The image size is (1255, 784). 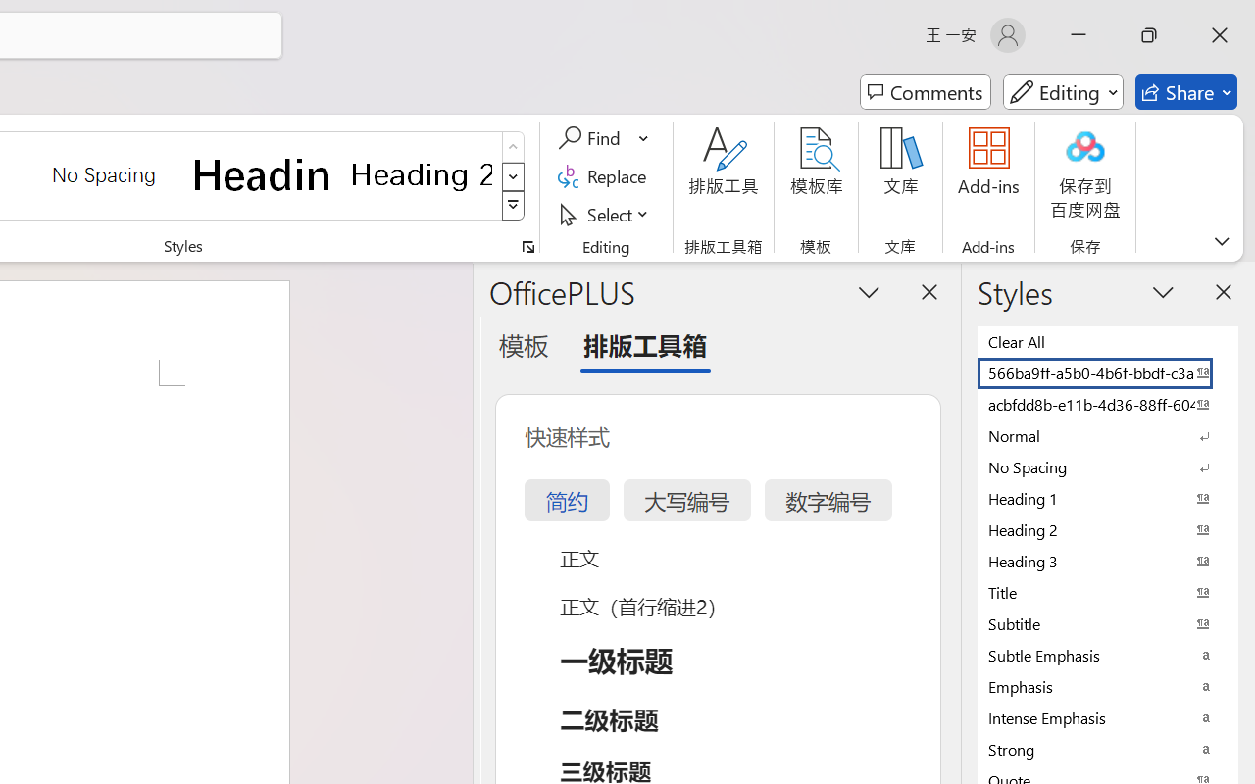 What do you see at coordinates (1185, 92) in the screenshot?
I see `'Share'` at bounding box center [1185, 92].